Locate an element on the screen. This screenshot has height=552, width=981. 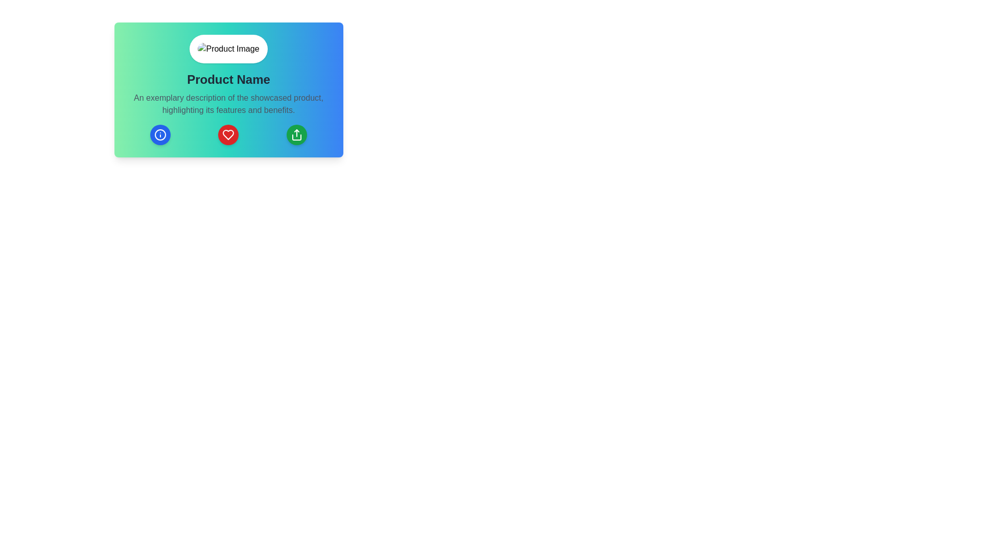
the informational circle icon located at the leftmost position of the three icons near the bottom of the product card is located at coordinates (160, 134).